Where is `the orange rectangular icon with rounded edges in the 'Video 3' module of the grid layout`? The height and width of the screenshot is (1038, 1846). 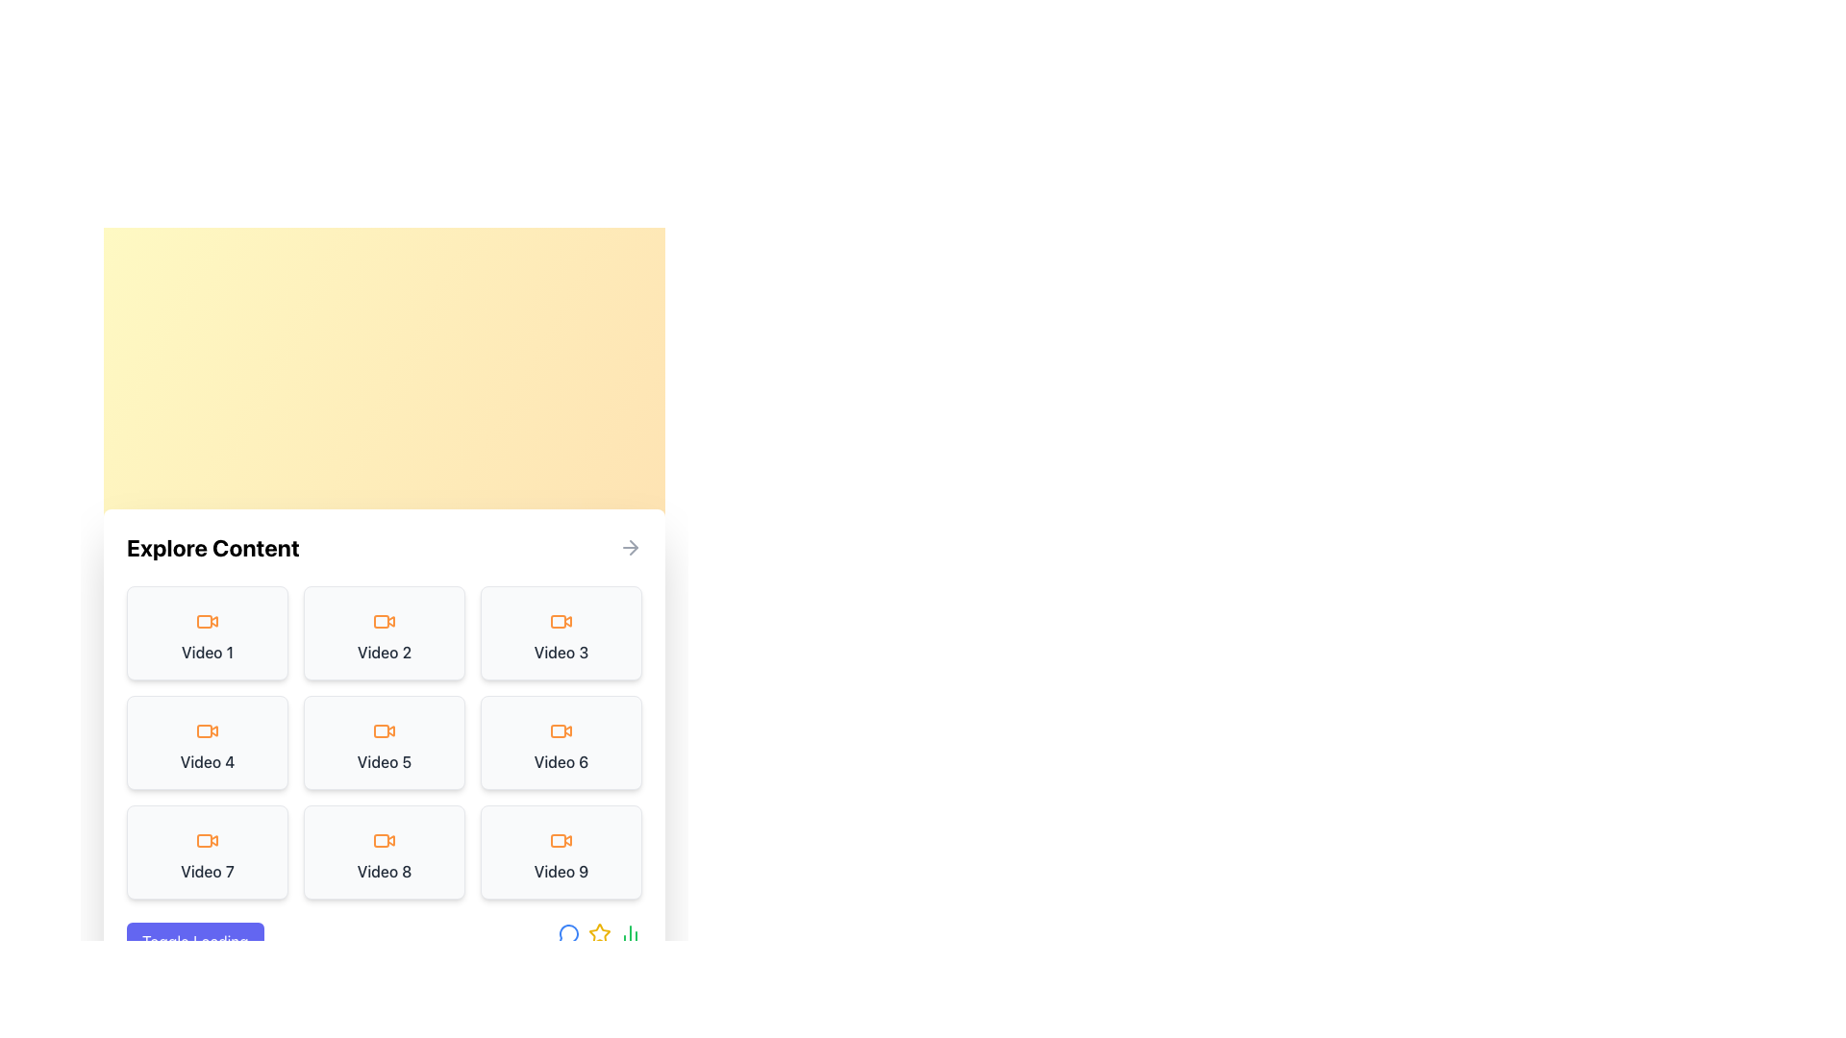
the orange rectangular icon with rounded edges in the 'Video 3' module of the grid layout is located at coordinates (557, 622).